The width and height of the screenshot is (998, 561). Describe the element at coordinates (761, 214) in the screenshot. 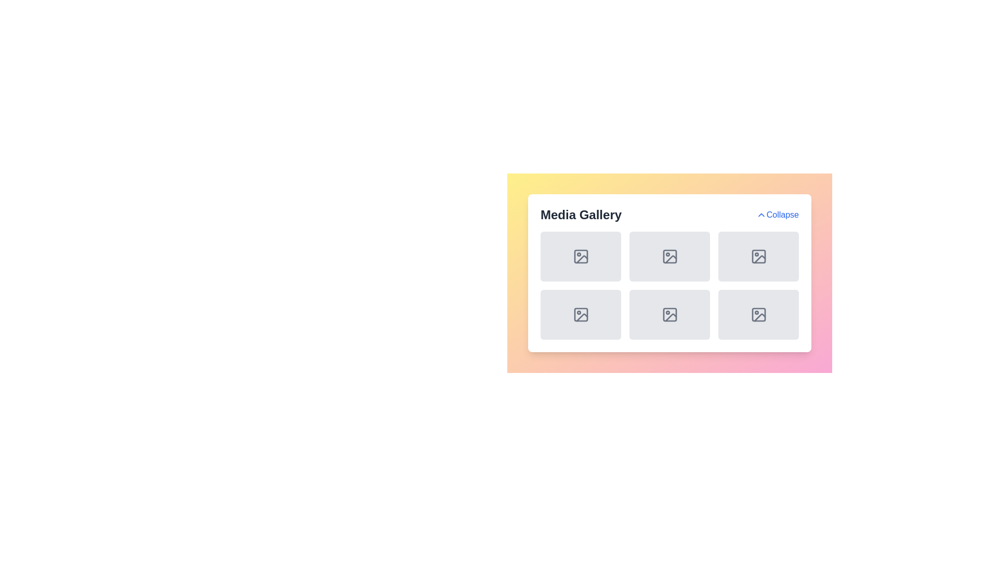

I see `the chevron-shaped icon with a blue outline located to the left of the 'Collapse' text` at that location.